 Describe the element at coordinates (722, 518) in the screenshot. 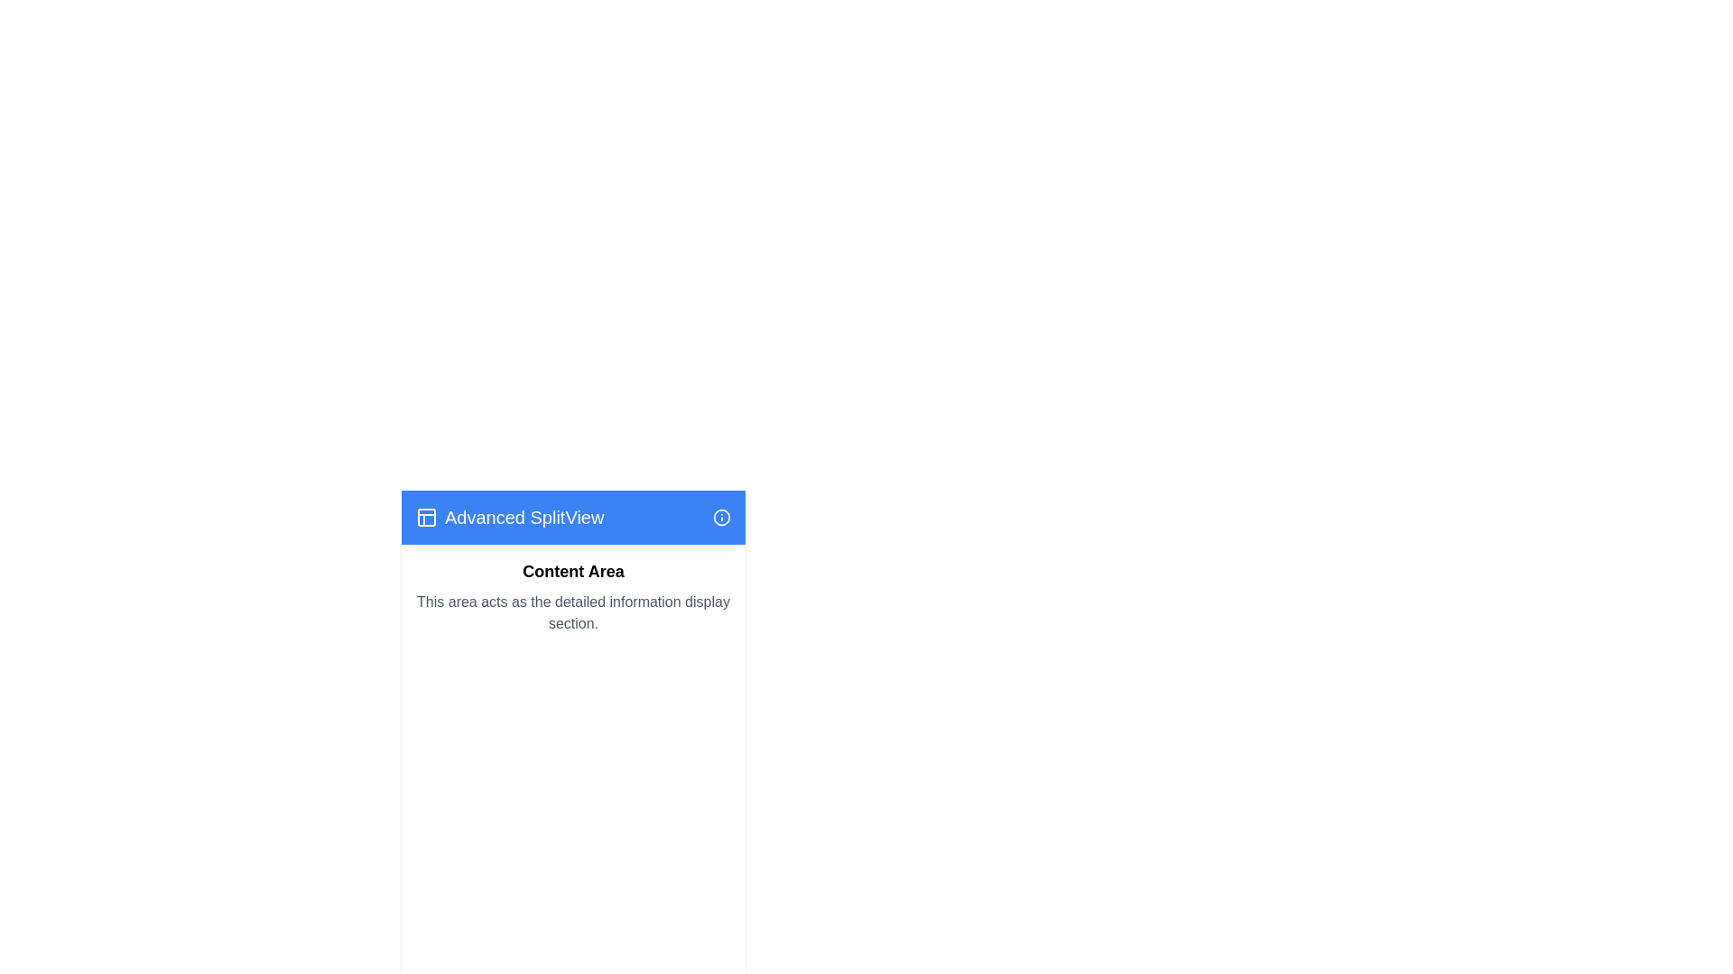

I see `the information/help icon located in the upper-right corner of the 'Advanced SplitView' header` at that location.